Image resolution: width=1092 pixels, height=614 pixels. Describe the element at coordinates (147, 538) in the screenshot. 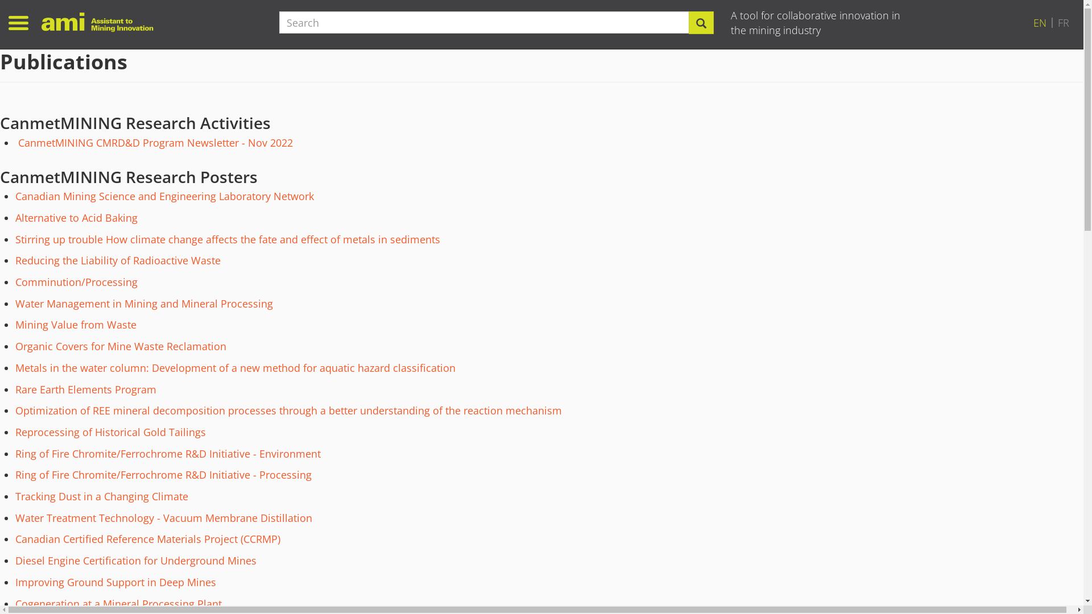

I see `'Canadian Certified Reference Materials Project (CCRMP)'` at that location.